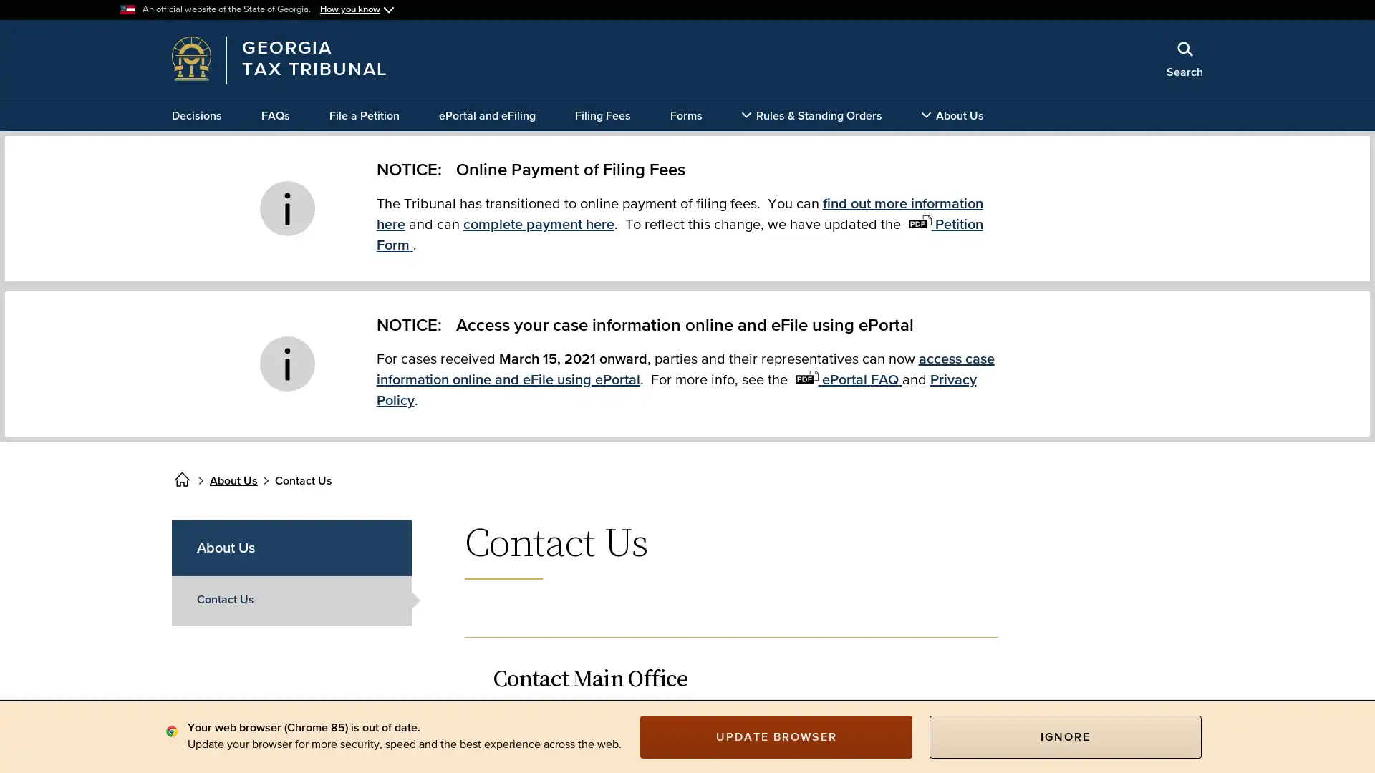  Describe the element at coordinates (1187, 44) in the screenshot. I see `Close` at that location.